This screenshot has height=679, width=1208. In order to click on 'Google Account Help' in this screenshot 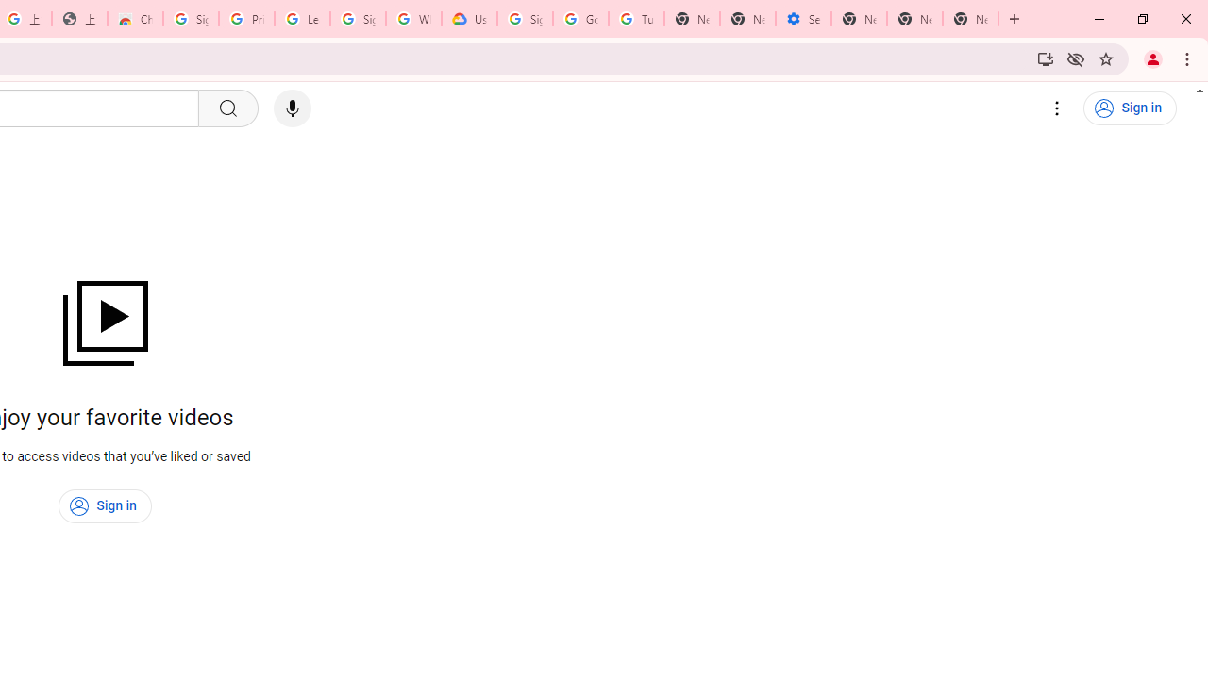, I will do `click(579, 19)`.